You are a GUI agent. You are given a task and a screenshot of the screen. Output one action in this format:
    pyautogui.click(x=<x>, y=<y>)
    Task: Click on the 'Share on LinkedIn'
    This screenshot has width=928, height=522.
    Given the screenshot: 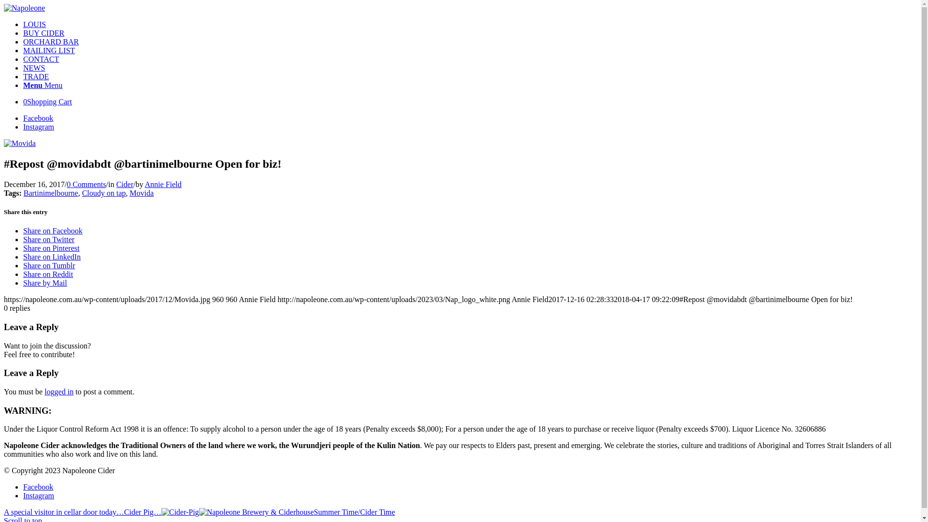 What is the action you would take?
    pyautogui.click(x=51, y=256)
    